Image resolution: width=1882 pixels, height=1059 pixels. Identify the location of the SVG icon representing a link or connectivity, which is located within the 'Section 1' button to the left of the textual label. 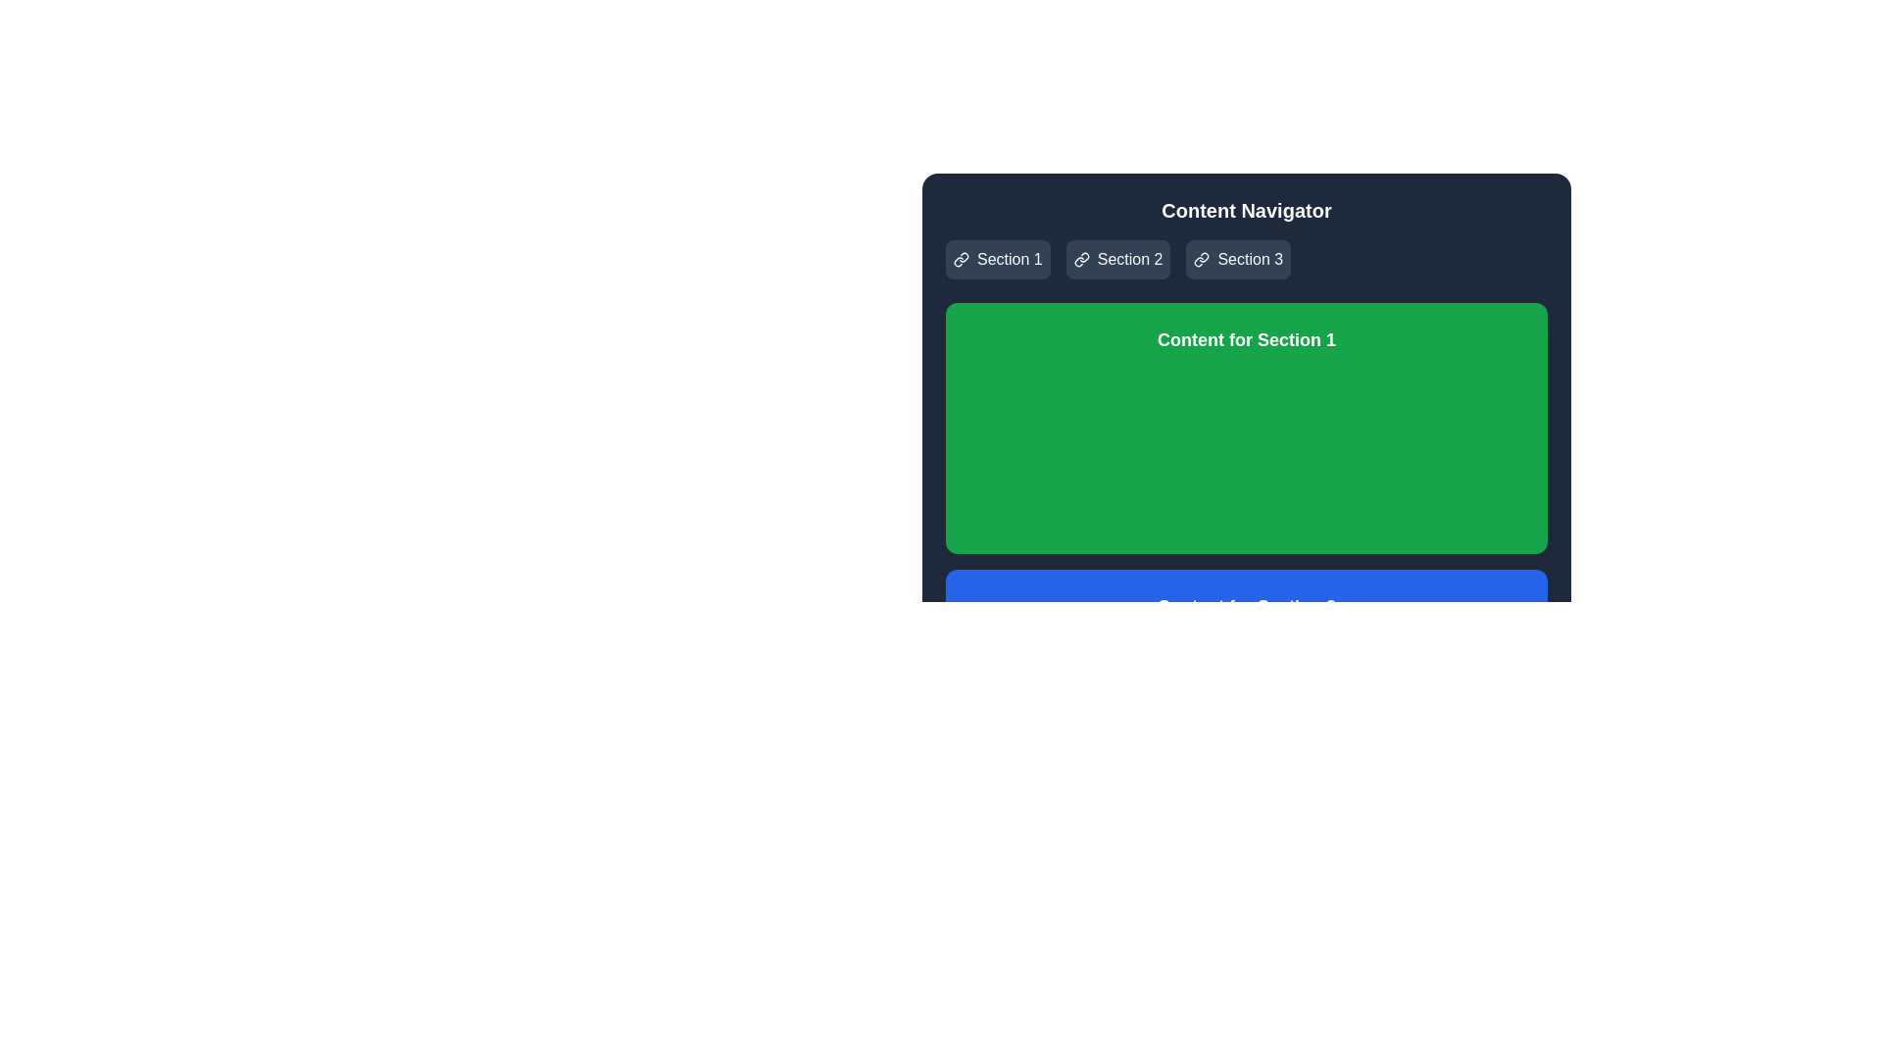
(959, 261).